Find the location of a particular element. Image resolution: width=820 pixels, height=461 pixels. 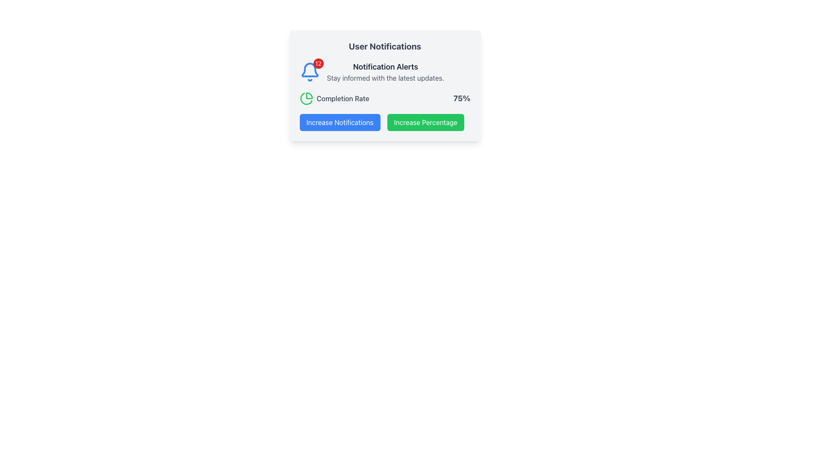

the Static Text Label that displays the completion percentage of 75%, located to the right of the text 'Completion Rate' is located at coordinates (461, 98).